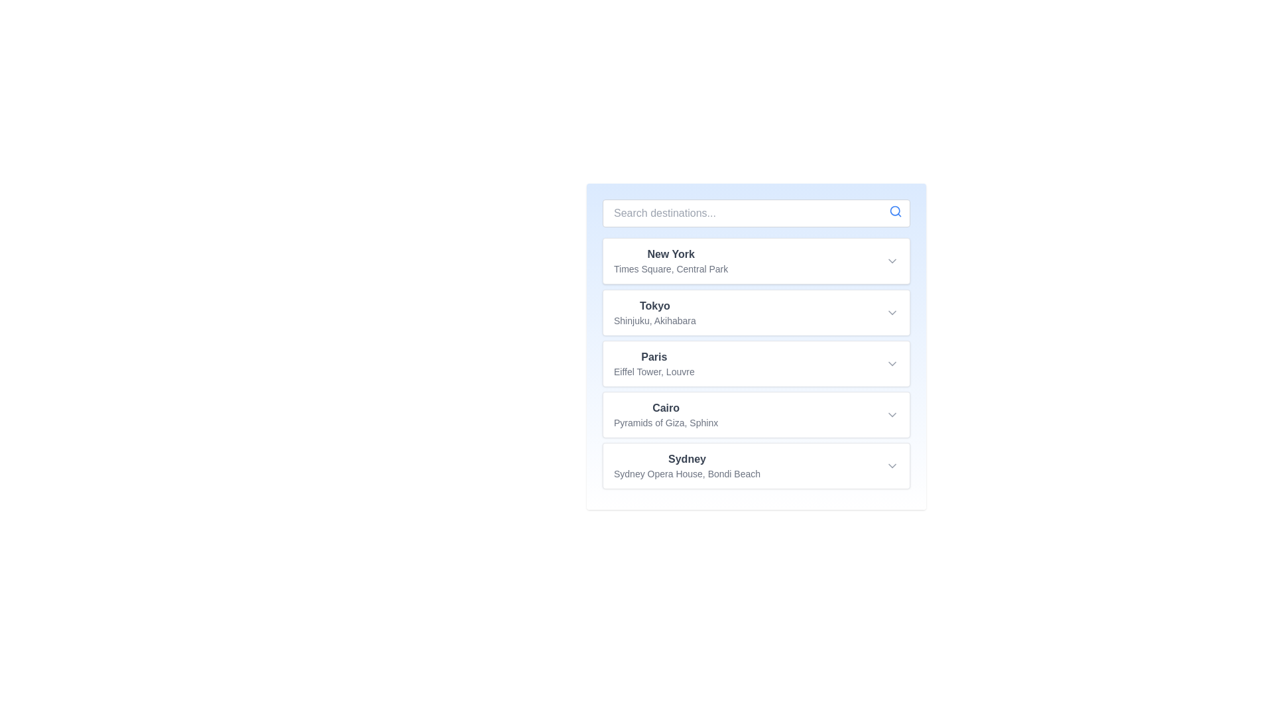  What do you see at coordinates (654, 320) in the screenshot?
I see `the styling of the Text label providing contextual information about notable districts in Tokyo, located directly below the heading 'Tokyo'` at bounding box center [654, 320].